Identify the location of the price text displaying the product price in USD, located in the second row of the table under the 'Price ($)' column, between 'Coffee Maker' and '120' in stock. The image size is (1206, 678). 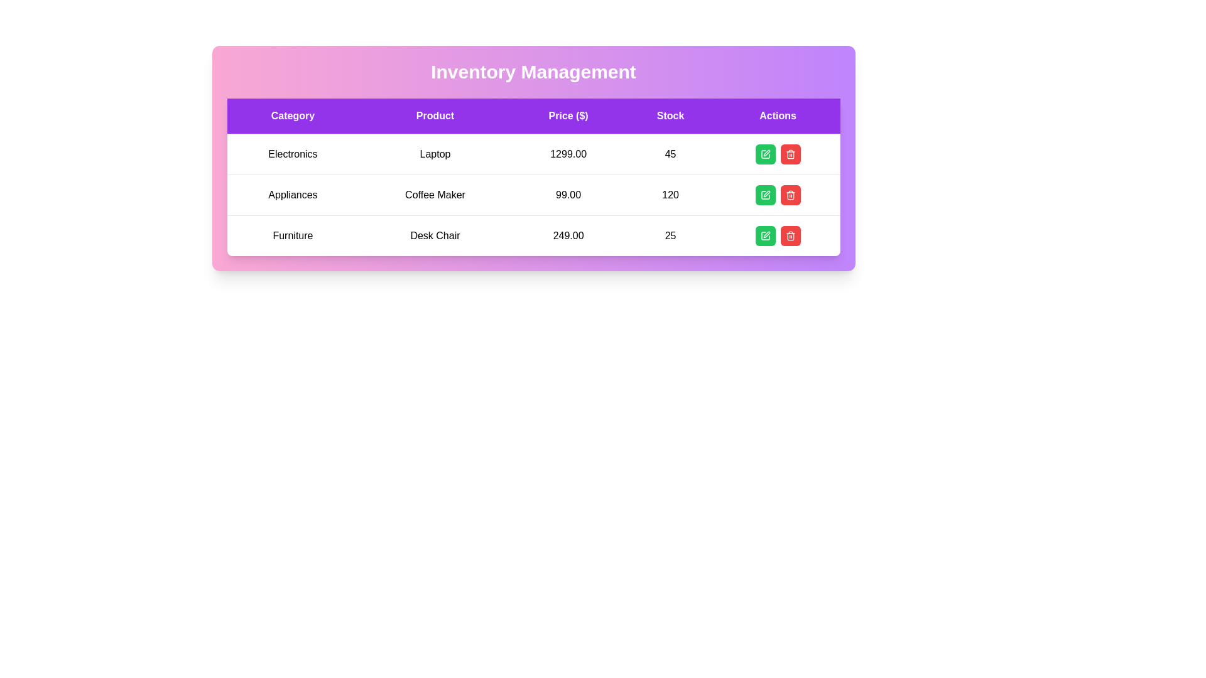
(568, 195).